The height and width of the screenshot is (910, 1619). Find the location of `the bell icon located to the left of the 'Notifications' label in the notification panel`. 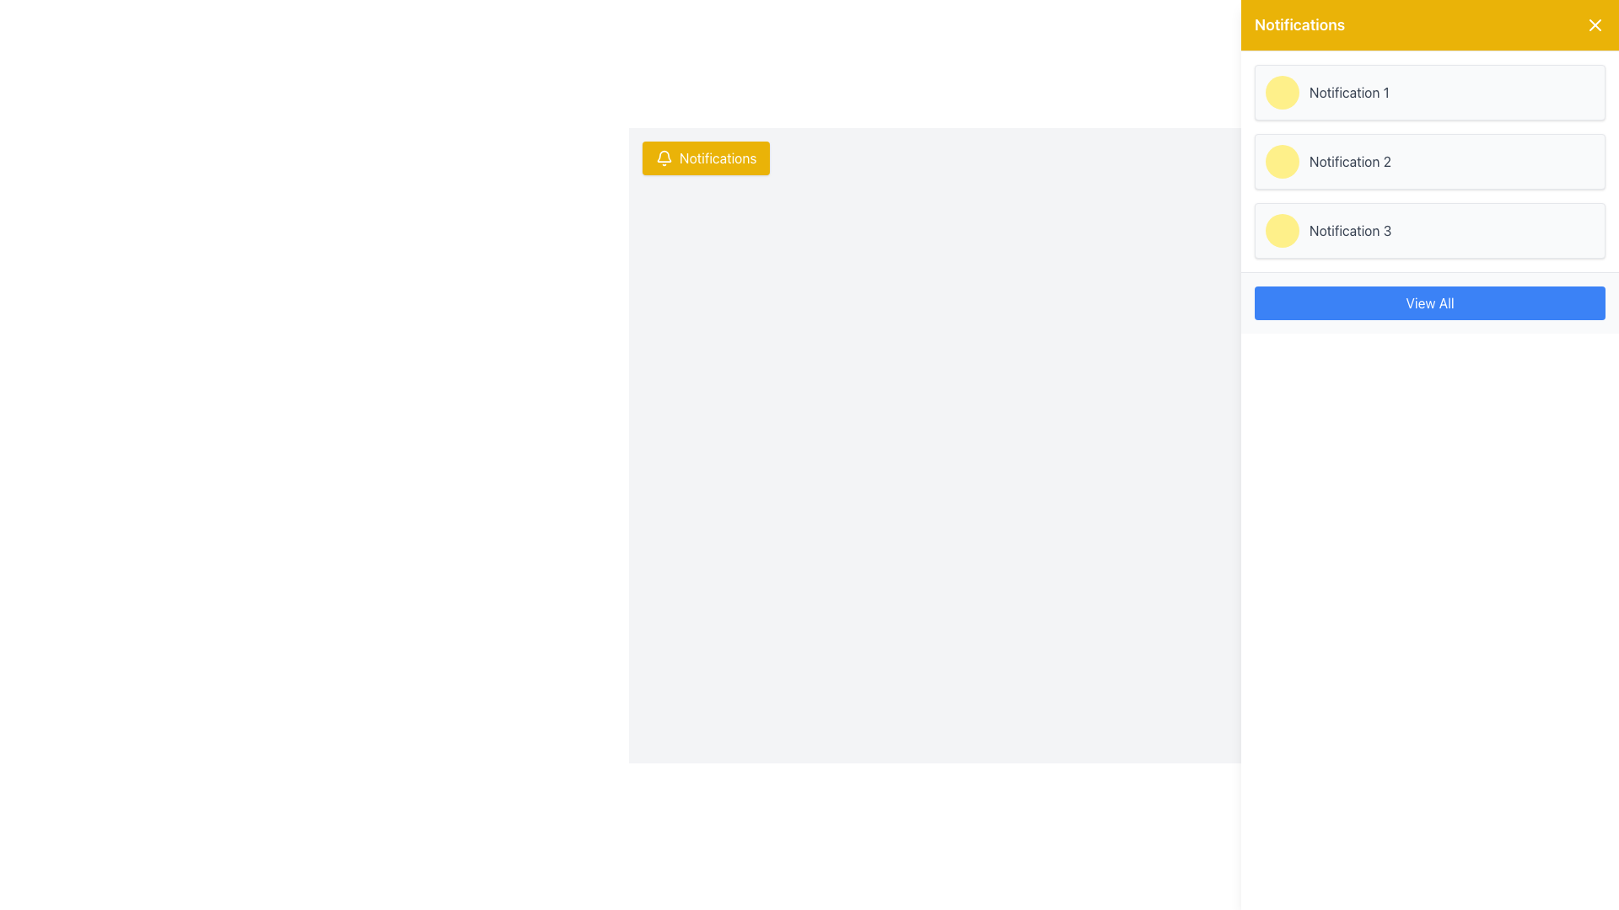

the bell icon located to the left of the 'Notifications' label in the notification panel is located at coordinates (663, 156).